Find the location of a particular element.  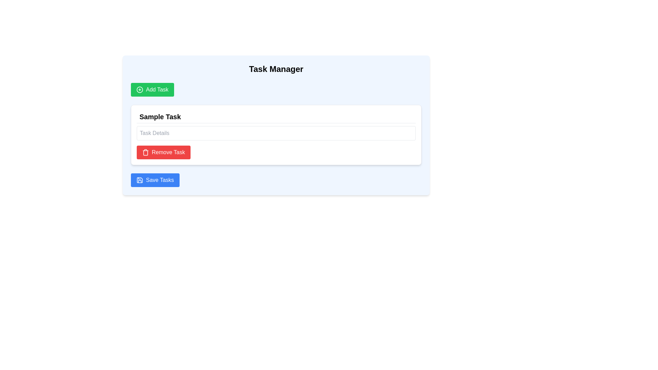

the trash can icon, which is part of the 'Remove Task' button located below the 'Task Details' input box is located at coordinates (145, 152).